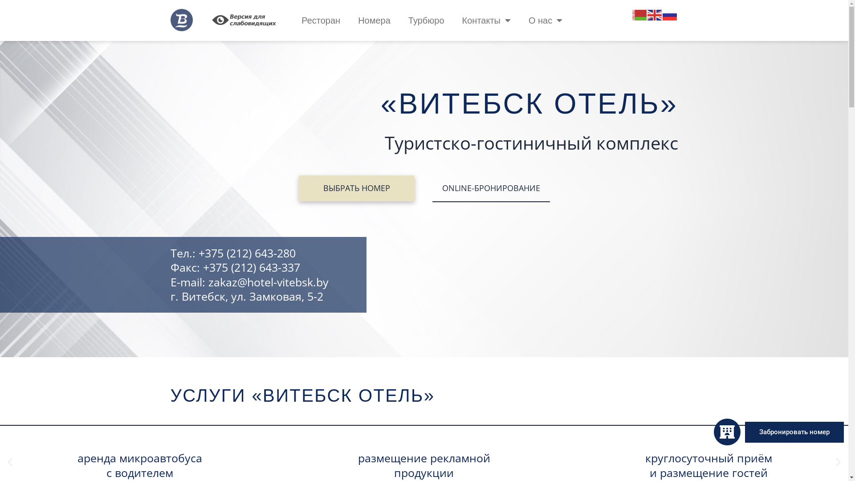 The image size is (855, 481). I want to click on 'Russian', so click(663, 14).